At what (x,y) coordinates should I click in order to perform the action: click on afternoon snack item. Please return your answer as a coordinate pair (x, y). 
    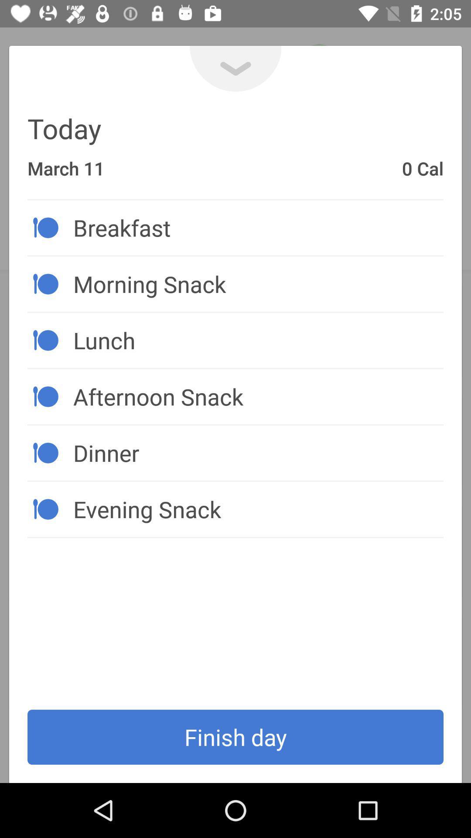
    Looking at the image, I should click on (258, 396).